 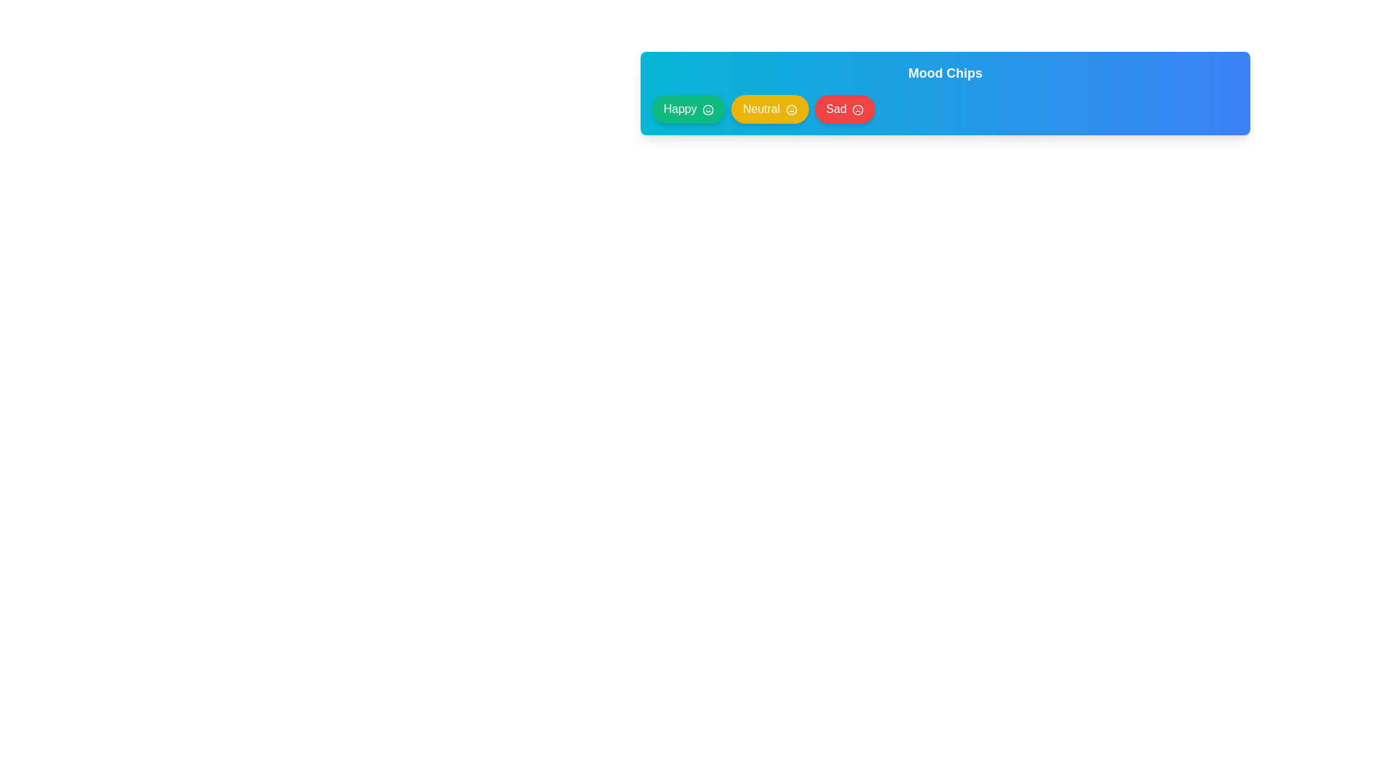 I want to click on the frowning face icon within the 'Sad' mood chip, which is the third option in the mood selection component, so click(x=858, y=109).